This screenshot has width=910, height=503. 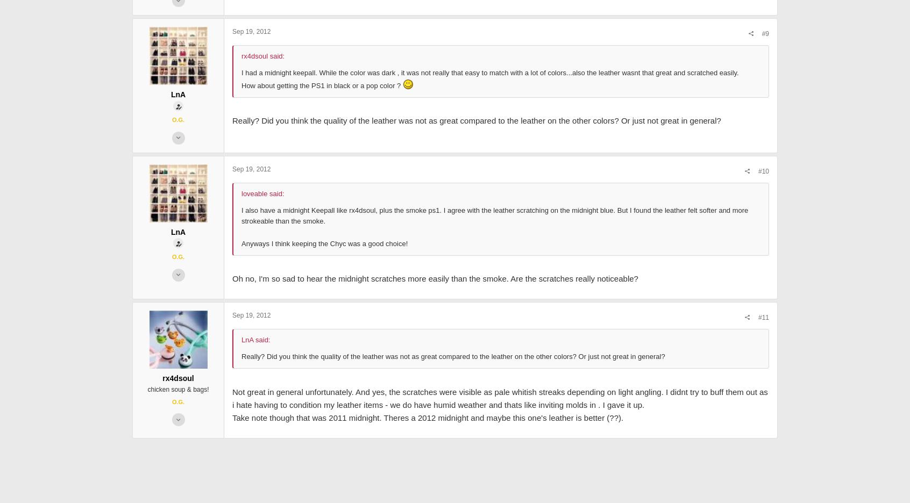 I want to click on 'I had a midnight keepall. While the color was dark , it was not really that easy to match with a lot of colors...also the leather wasnt that great and scratched easily.', so click(x=412, y=155).